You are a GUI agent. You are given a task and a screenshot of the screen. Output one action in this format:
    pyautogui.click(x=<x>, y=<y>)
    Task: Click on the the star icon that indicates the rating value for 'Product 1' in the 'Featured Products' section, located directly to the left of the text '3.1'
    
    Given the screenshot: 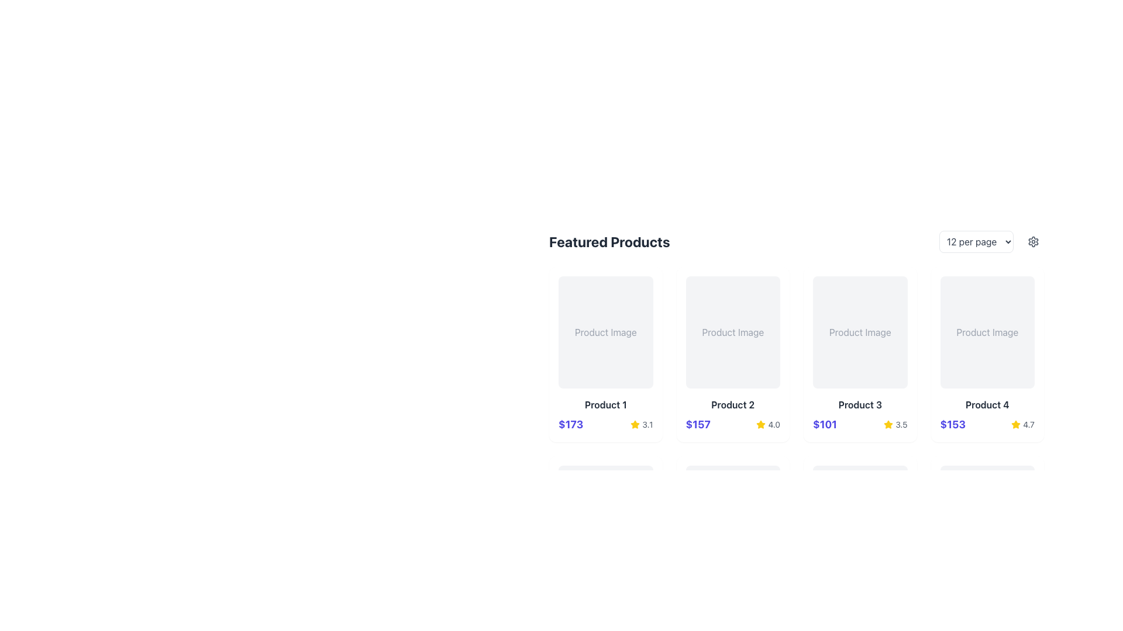 What is the action you would take?
    pyautogui.click(x=635, y=424)
    